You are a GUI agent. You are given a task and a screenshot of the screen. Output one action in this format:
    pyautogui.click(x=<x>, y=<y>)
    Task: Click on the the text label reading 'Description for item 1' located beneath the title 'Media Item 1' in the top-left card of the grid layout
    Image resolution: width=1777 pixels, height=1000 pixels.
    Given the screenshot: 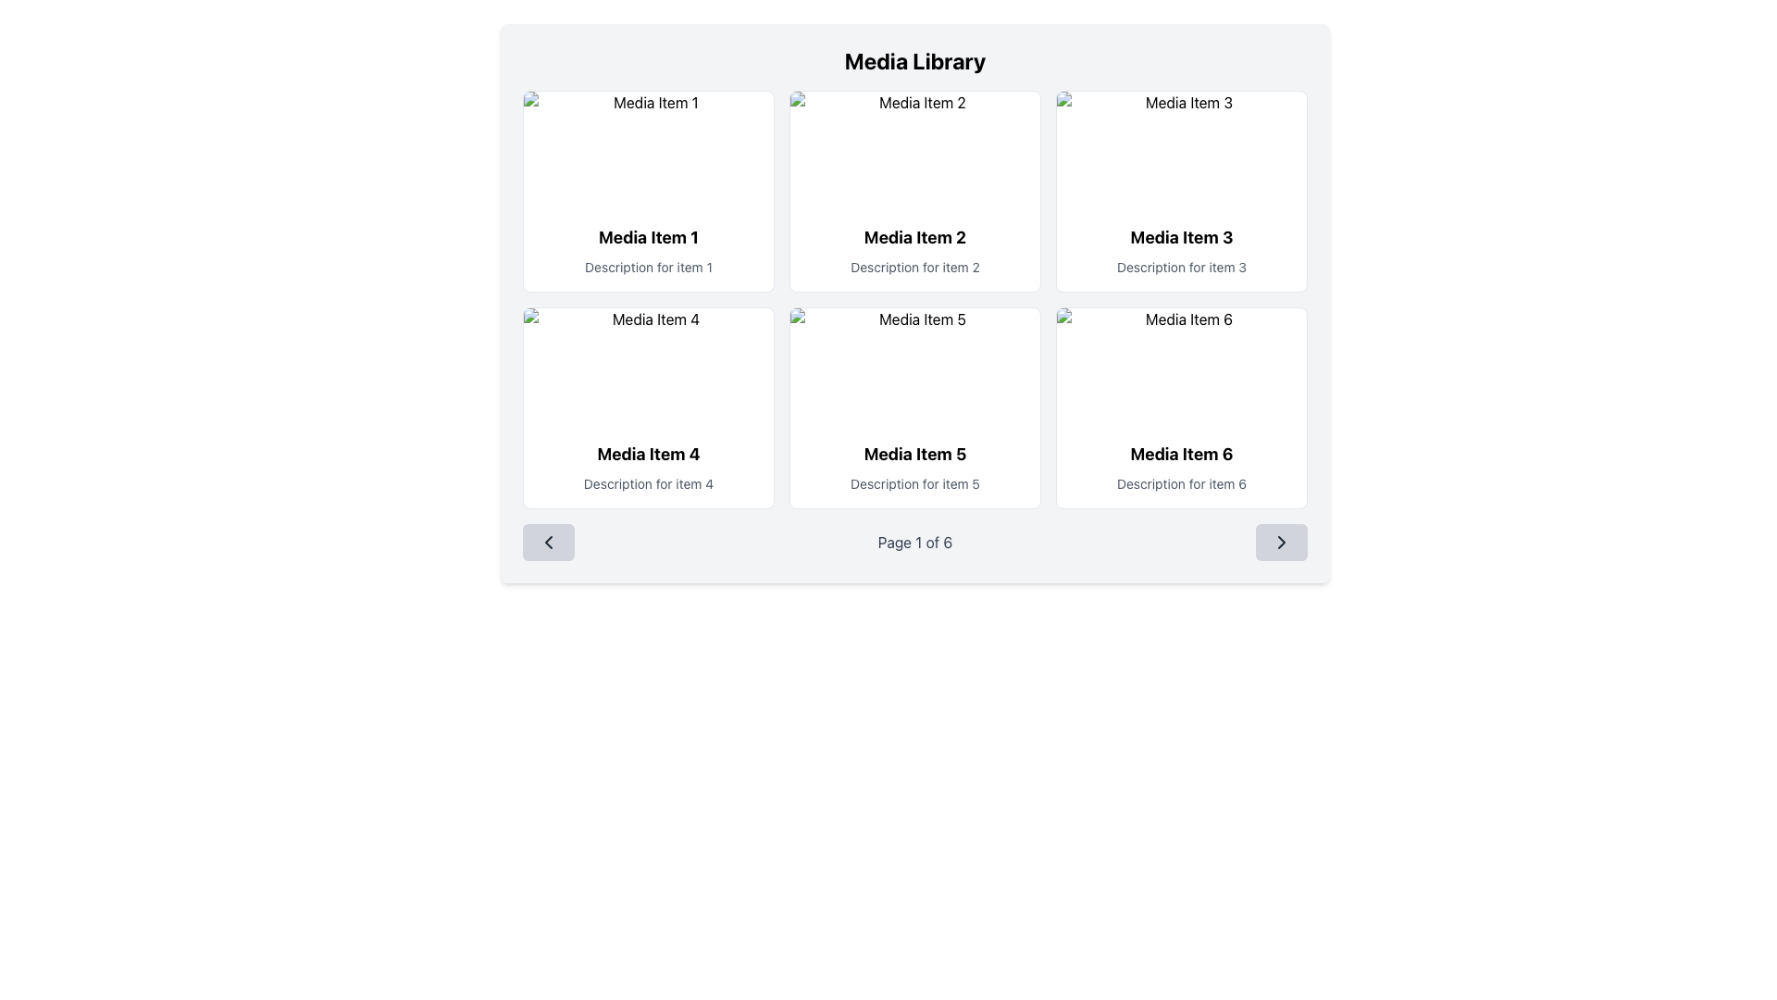 What is the action you would take?
    pyautogui.click(x=648, y=268)
    